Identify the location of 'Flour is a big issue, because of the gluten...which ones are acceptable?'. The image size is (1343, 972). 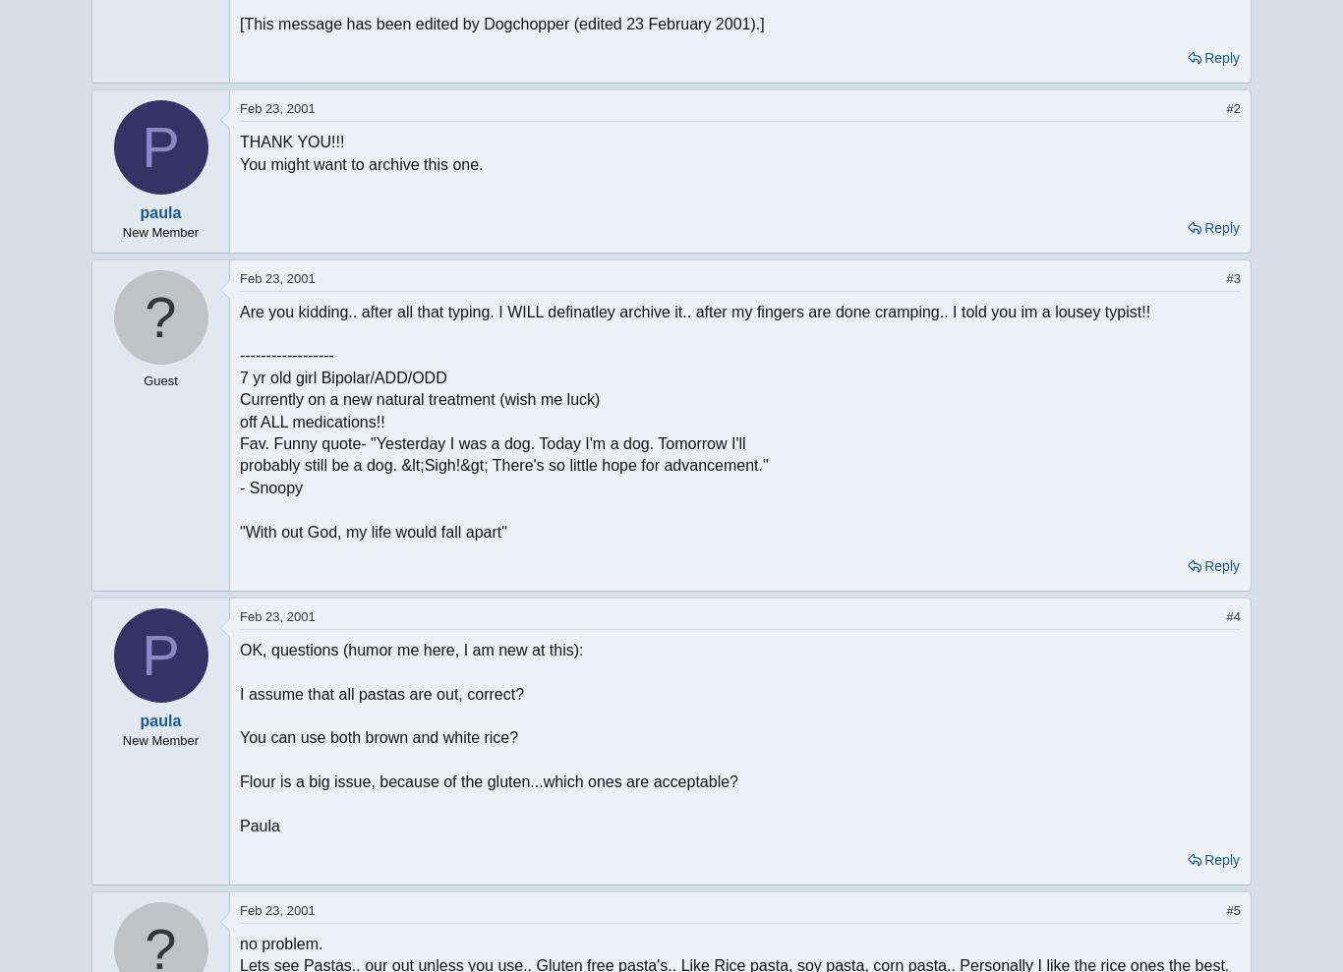
(488, 780).